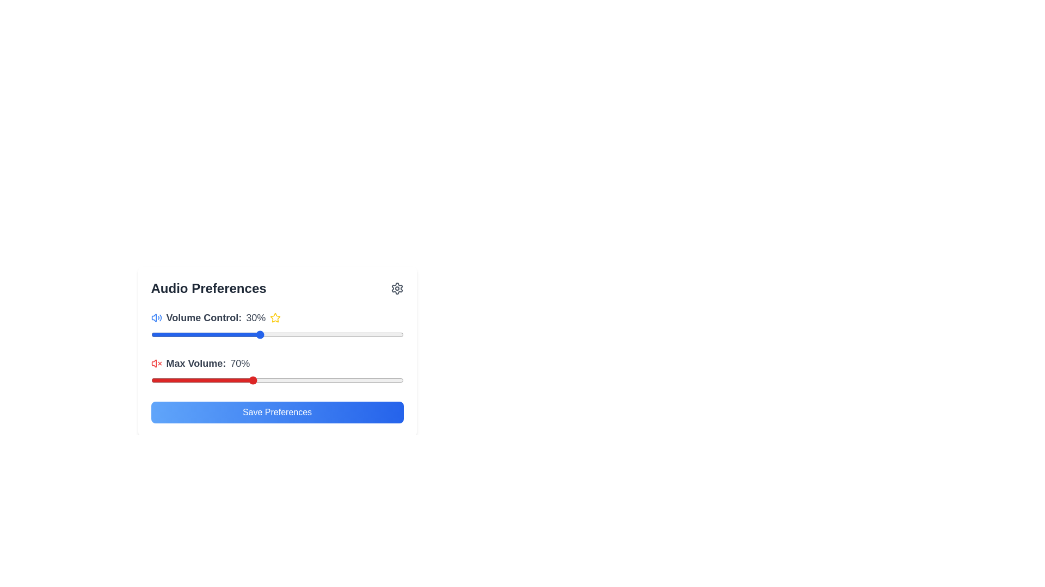  Describe the element at coordinates (255, 318) in the screenshot. I see `current volume level percentage displayed in the text label located to the right of the 'Volume Control:' text in the 'Audio Preferences' section` at that location.